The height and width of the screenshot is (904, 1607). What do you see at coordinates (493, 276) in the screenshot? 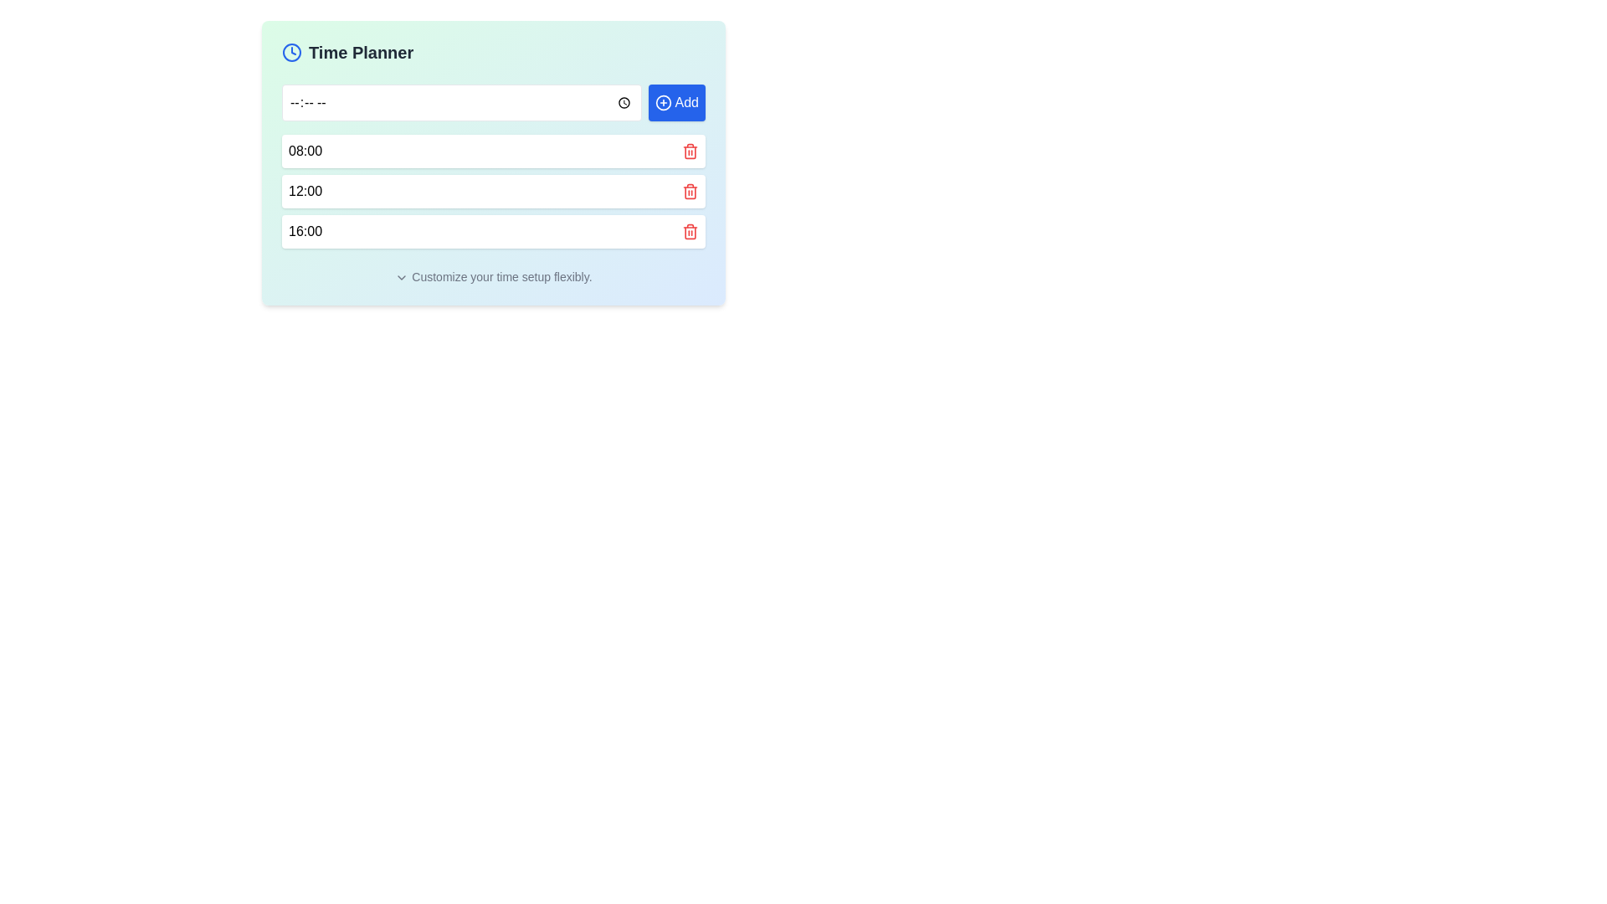
I see `the static text displaying 'Customize your time setup flexibly,' which is centrally aligned beneath the 'Time Planner' section` at bounding box center [493, 276].